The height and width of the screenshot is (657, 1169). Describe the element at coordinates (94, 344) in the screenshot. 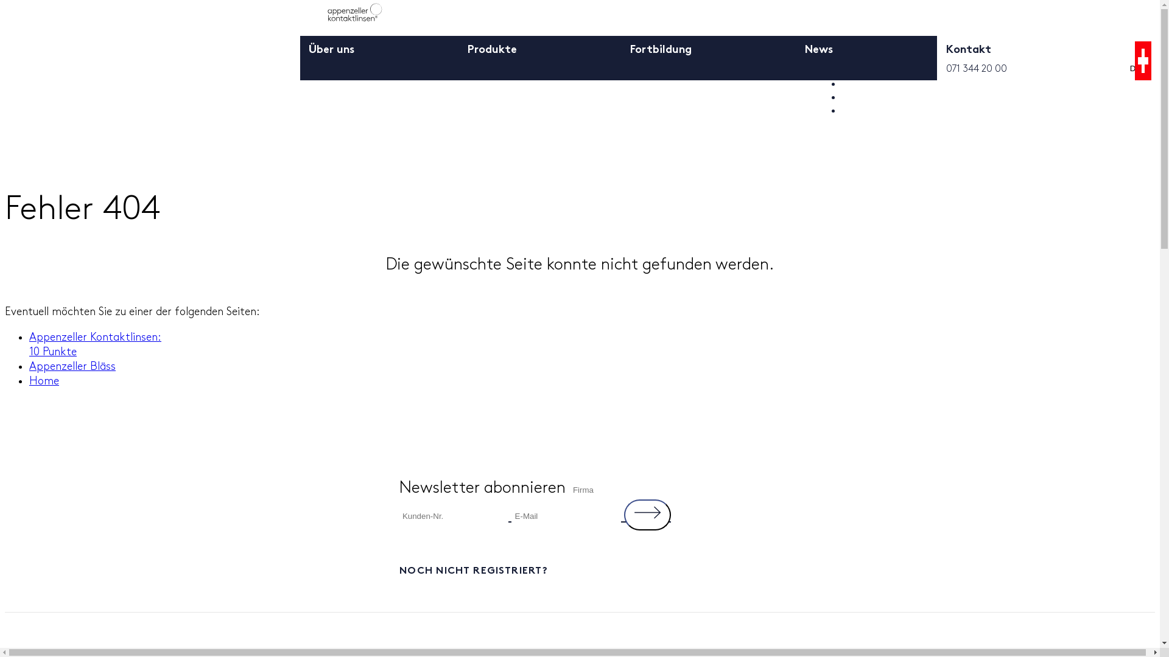

I see `'Appenzeller Kontaktlinsen:` at that location.